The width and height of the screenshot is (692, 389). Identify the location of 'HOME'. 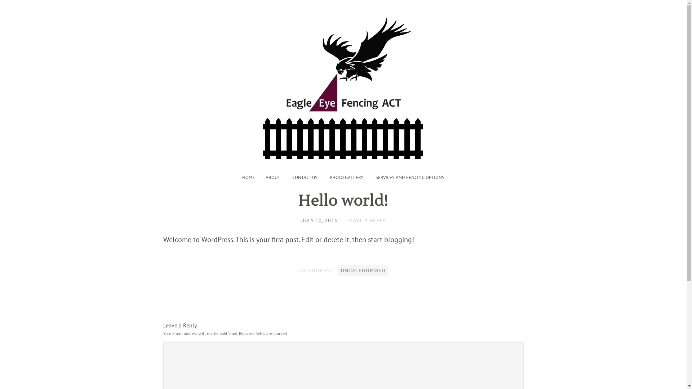
(248, 177).